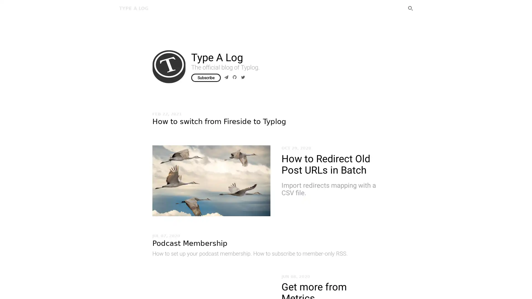 The width and height of the screenshot is (532, 299). I want to click on Subscribe, so click(206, 78).